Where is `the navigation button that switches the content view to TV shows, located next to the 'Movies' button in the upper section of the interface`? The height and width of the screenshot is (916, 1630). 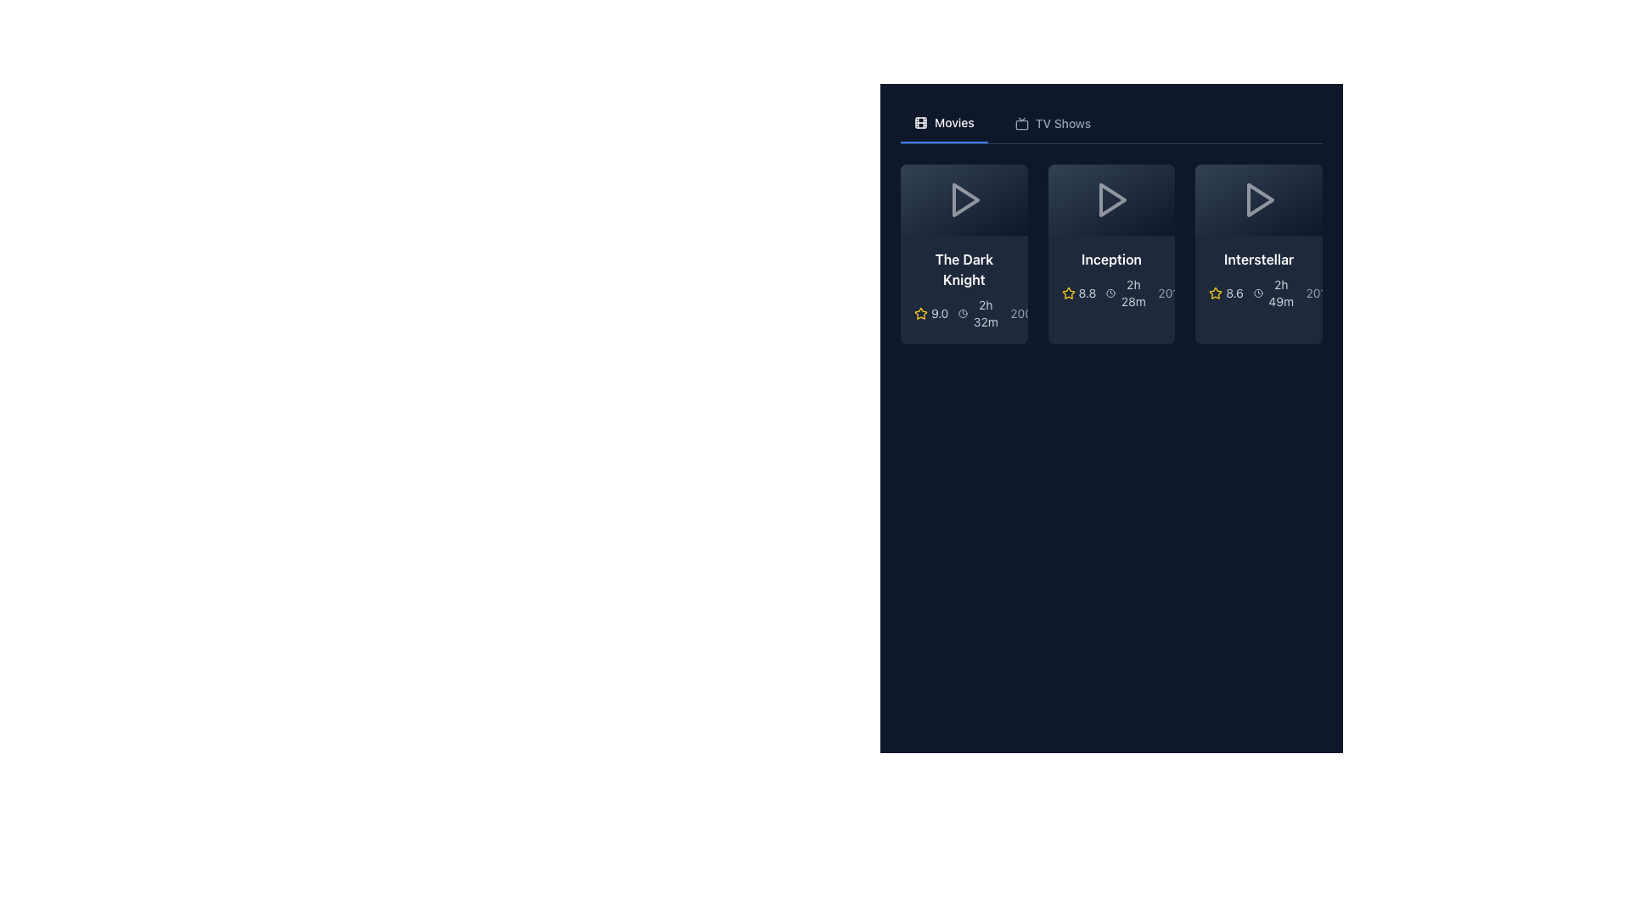 the navigation button that switches the content view to TV shows, located next to the 'Movies' button in the upper section of the interface is located at coordinates (1052, 123).